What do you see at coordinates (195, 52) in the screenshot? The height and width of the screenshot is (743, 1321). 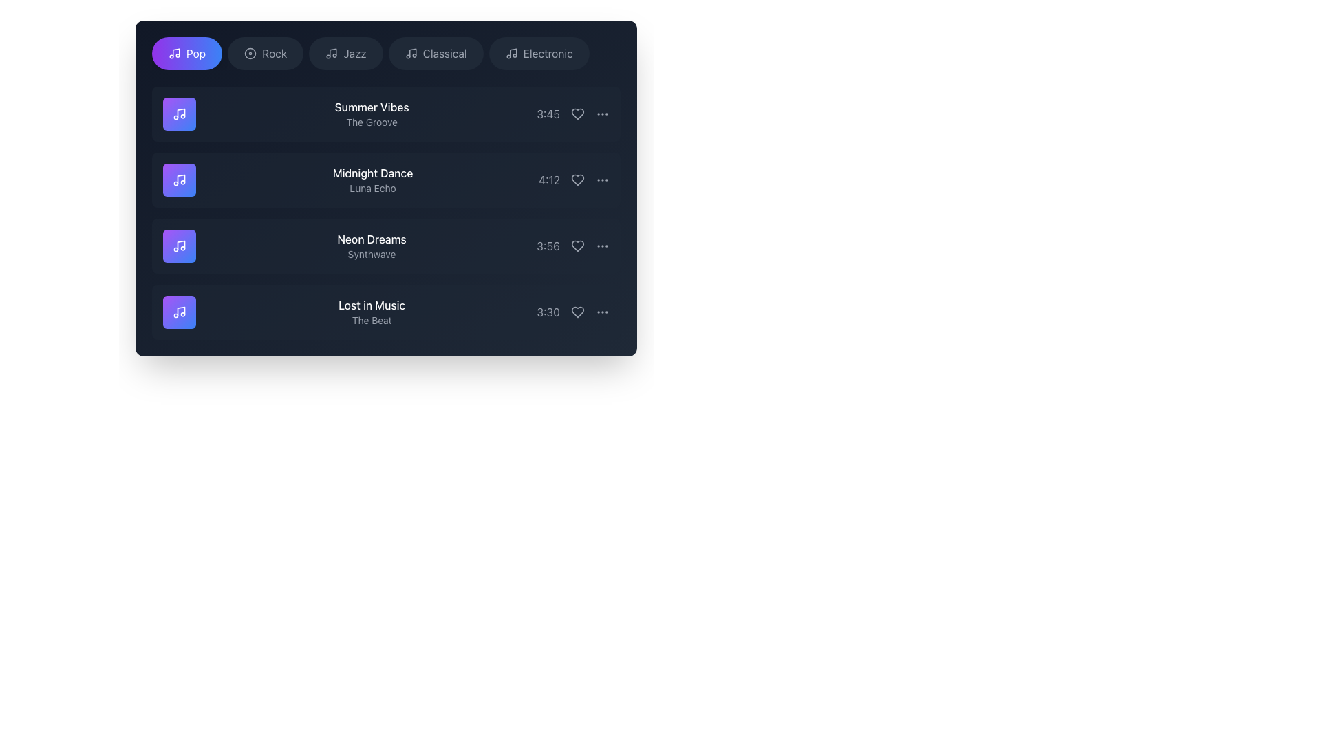 I see `the 'Pop' text label, which is displayed in white on a gradient background` at bounding box center [195, 52].